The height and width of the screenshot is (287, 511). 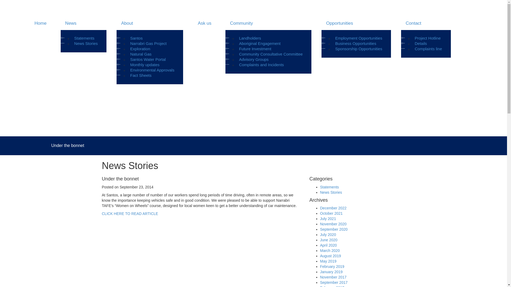 What do you see at coordinates (128, 54) in the screenshot?
I see `'Natural Gas'` at bounding box center [128, 54].